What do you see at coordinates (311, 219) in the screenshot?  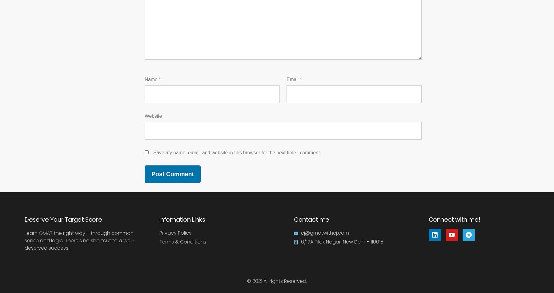 I see `'Contact me'` at bounding box center [311, 219].